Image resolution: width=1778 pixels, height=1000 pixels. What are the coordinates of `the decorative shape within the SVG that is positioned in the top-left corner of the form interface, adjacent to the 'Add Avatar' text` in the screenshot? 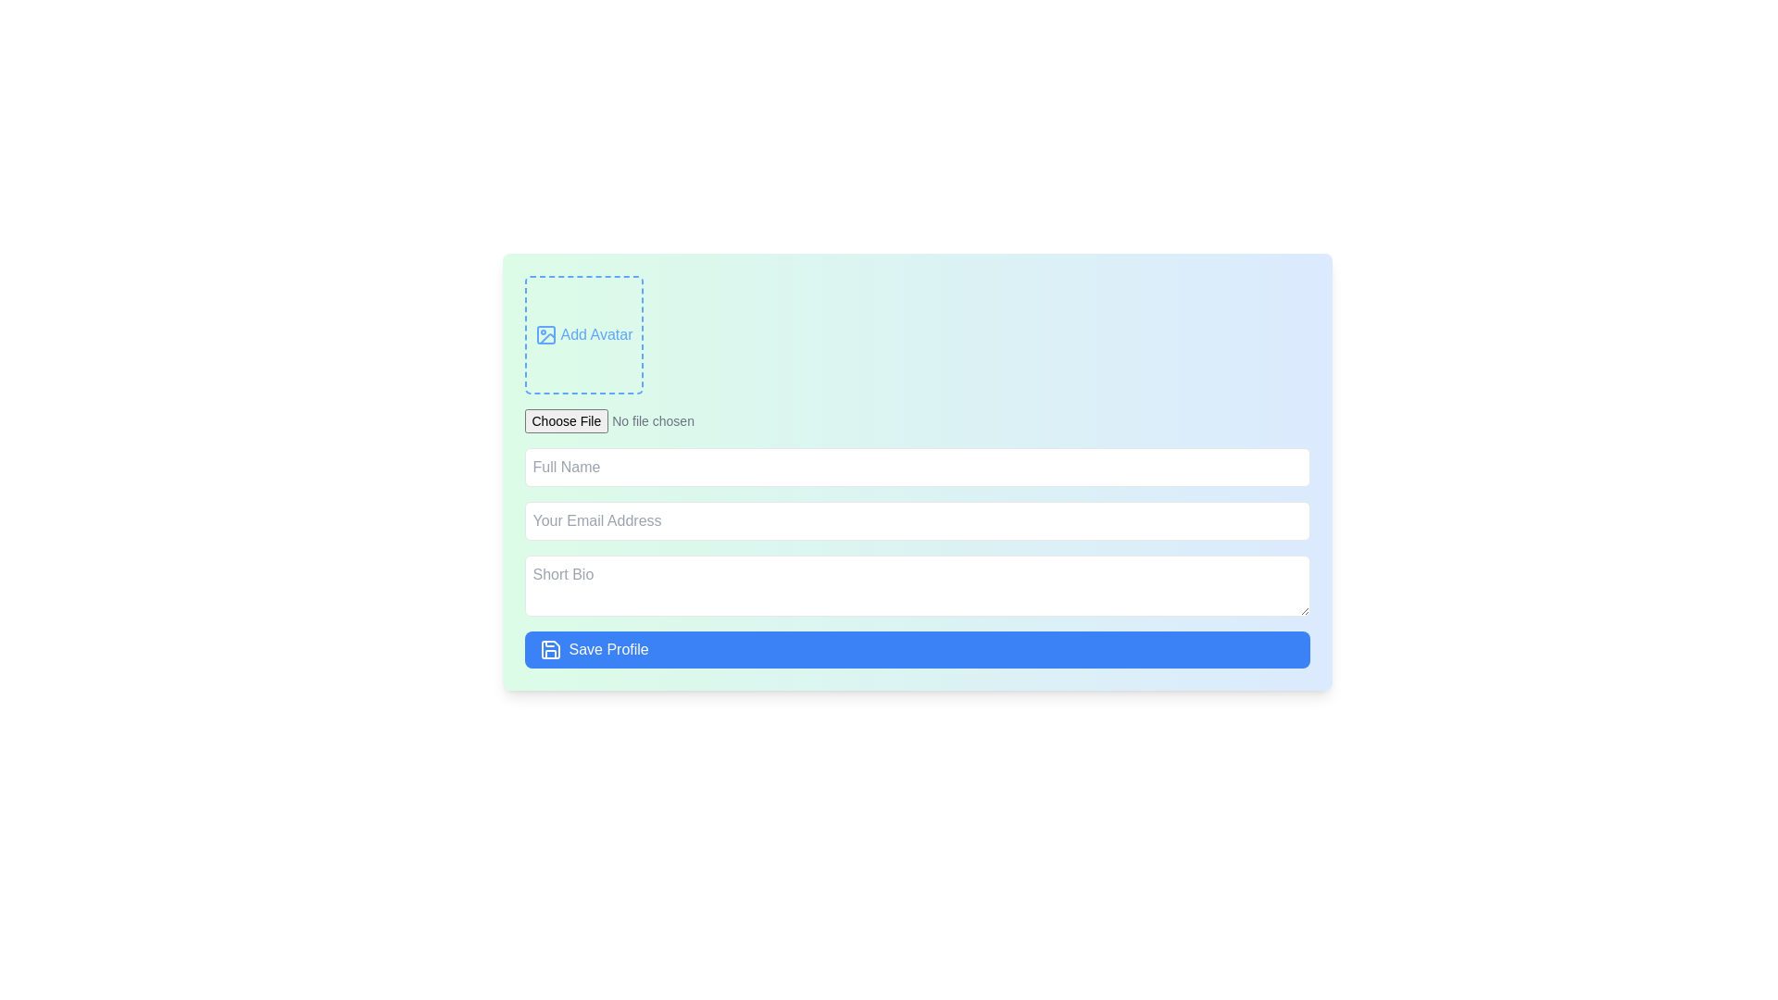 It's located at (545, 335).